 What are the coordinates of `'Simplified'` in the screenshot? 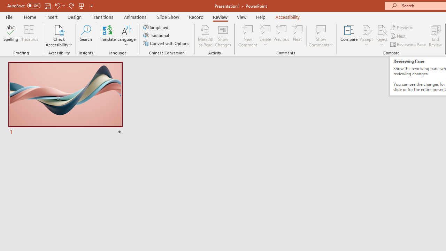 It's located at (156, 27).